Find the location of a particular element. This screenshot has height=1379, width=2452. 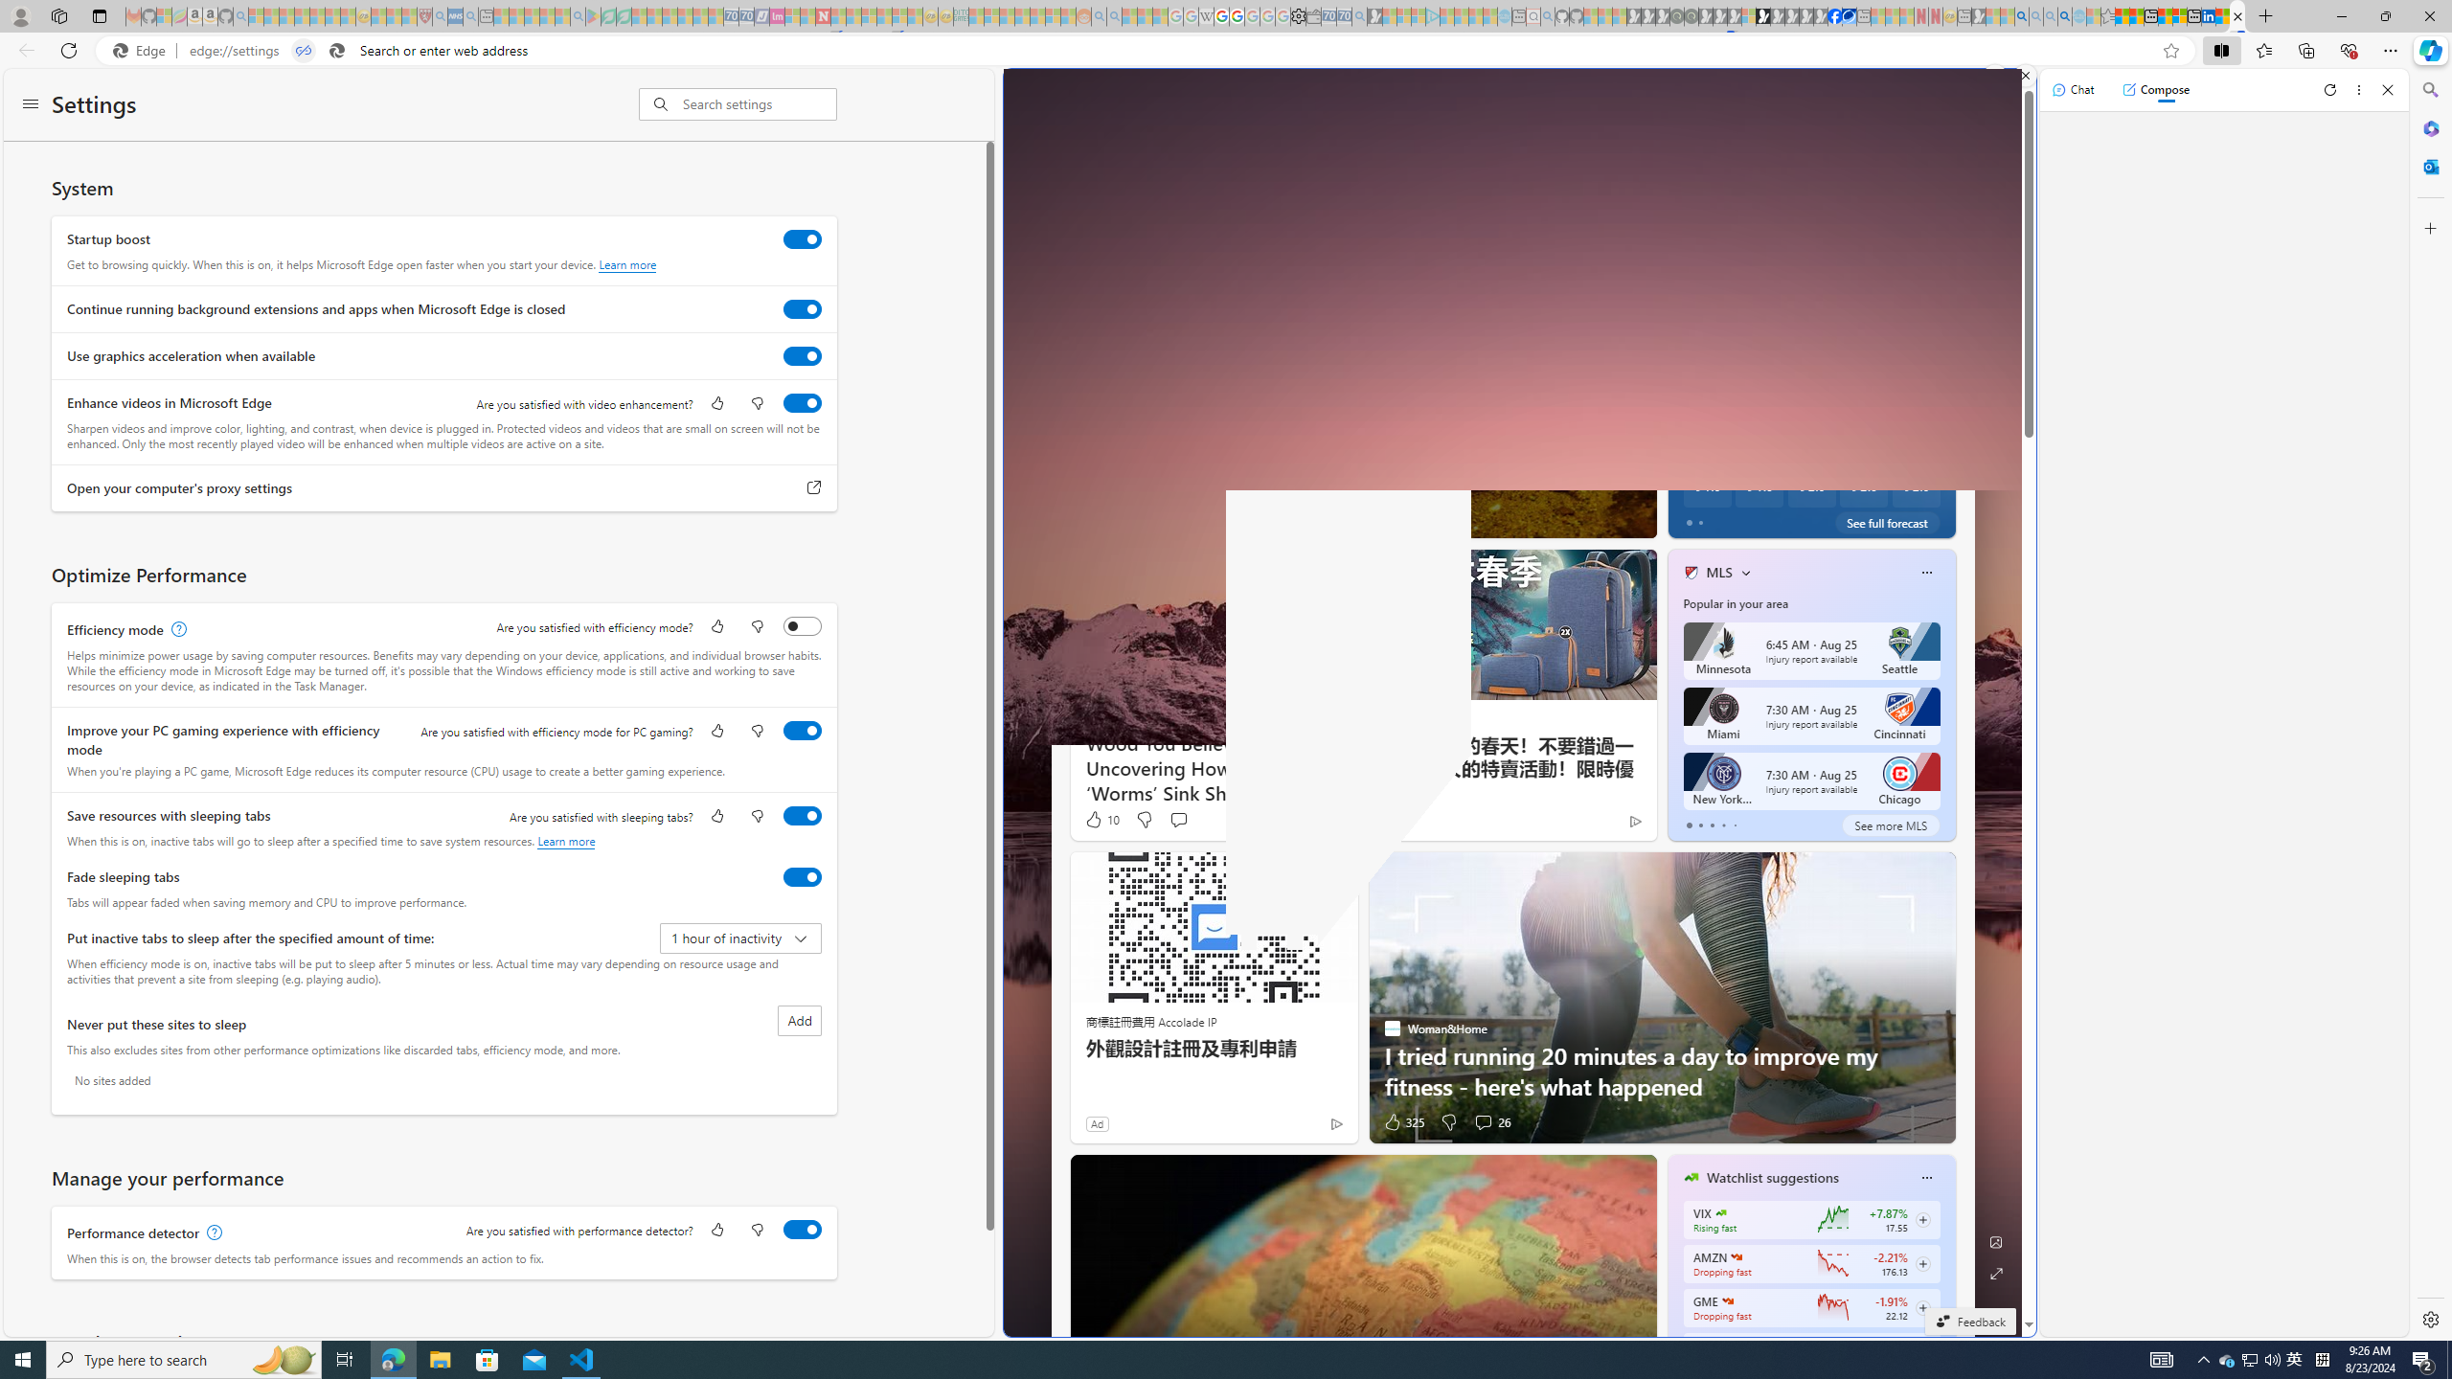

'See full forecast' is located at coordinates (1885, 522).